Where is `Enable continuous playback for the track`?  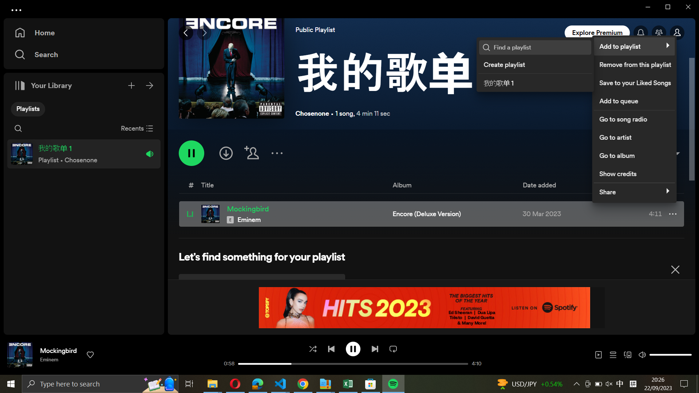 Enable continuous playback for the track is located at coordinates (393, 348).